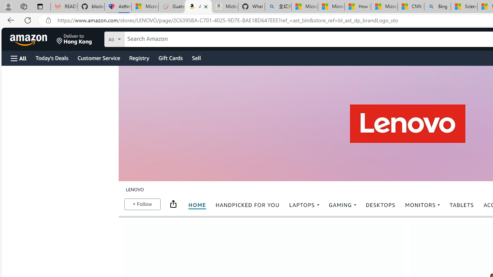 The image size is (493, 277). What do you see at coordinates (342, 205) in the screenshot?
I see `'GAMING'` at bounding box center [342, 205].